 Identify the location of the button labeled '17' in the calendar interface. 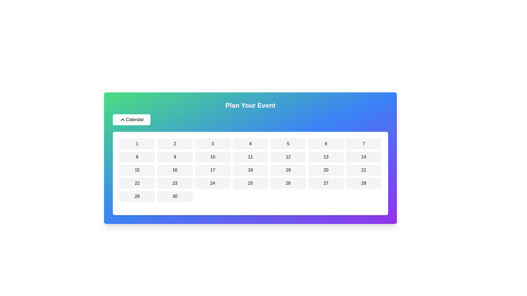
(212, 170).